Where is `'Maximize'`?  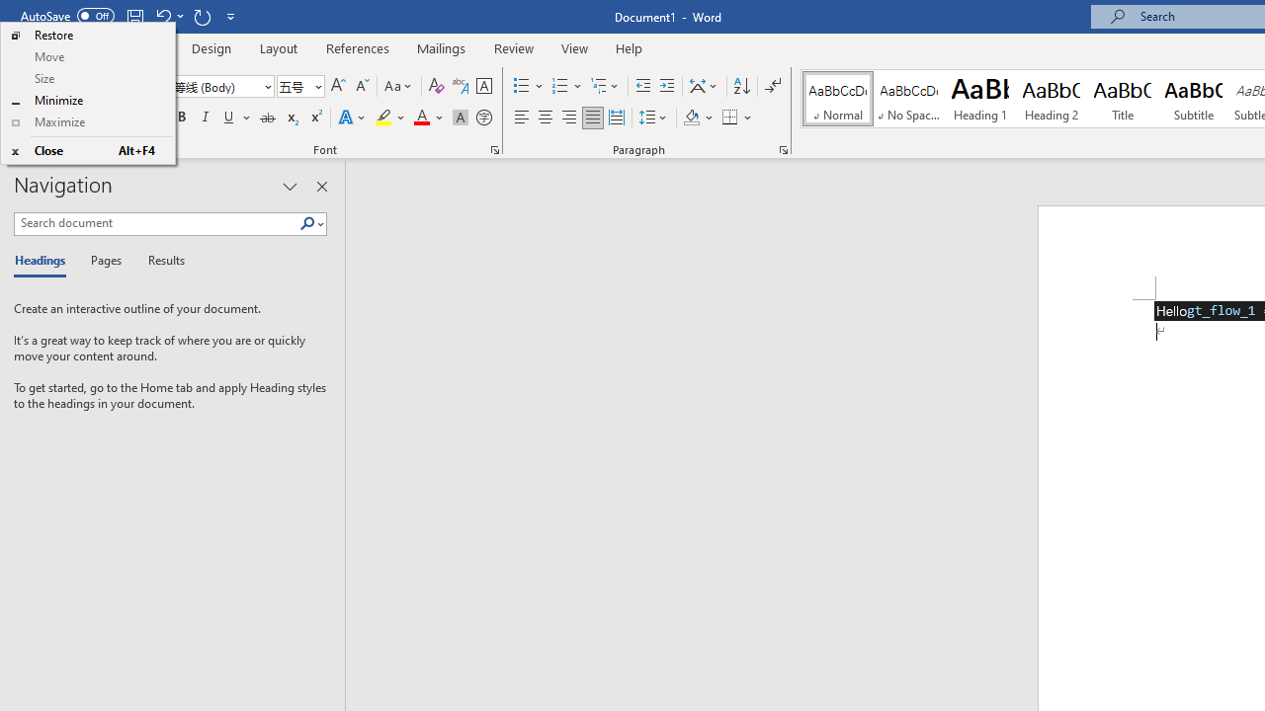
'Maximize' is located at coordinates (86, 122).